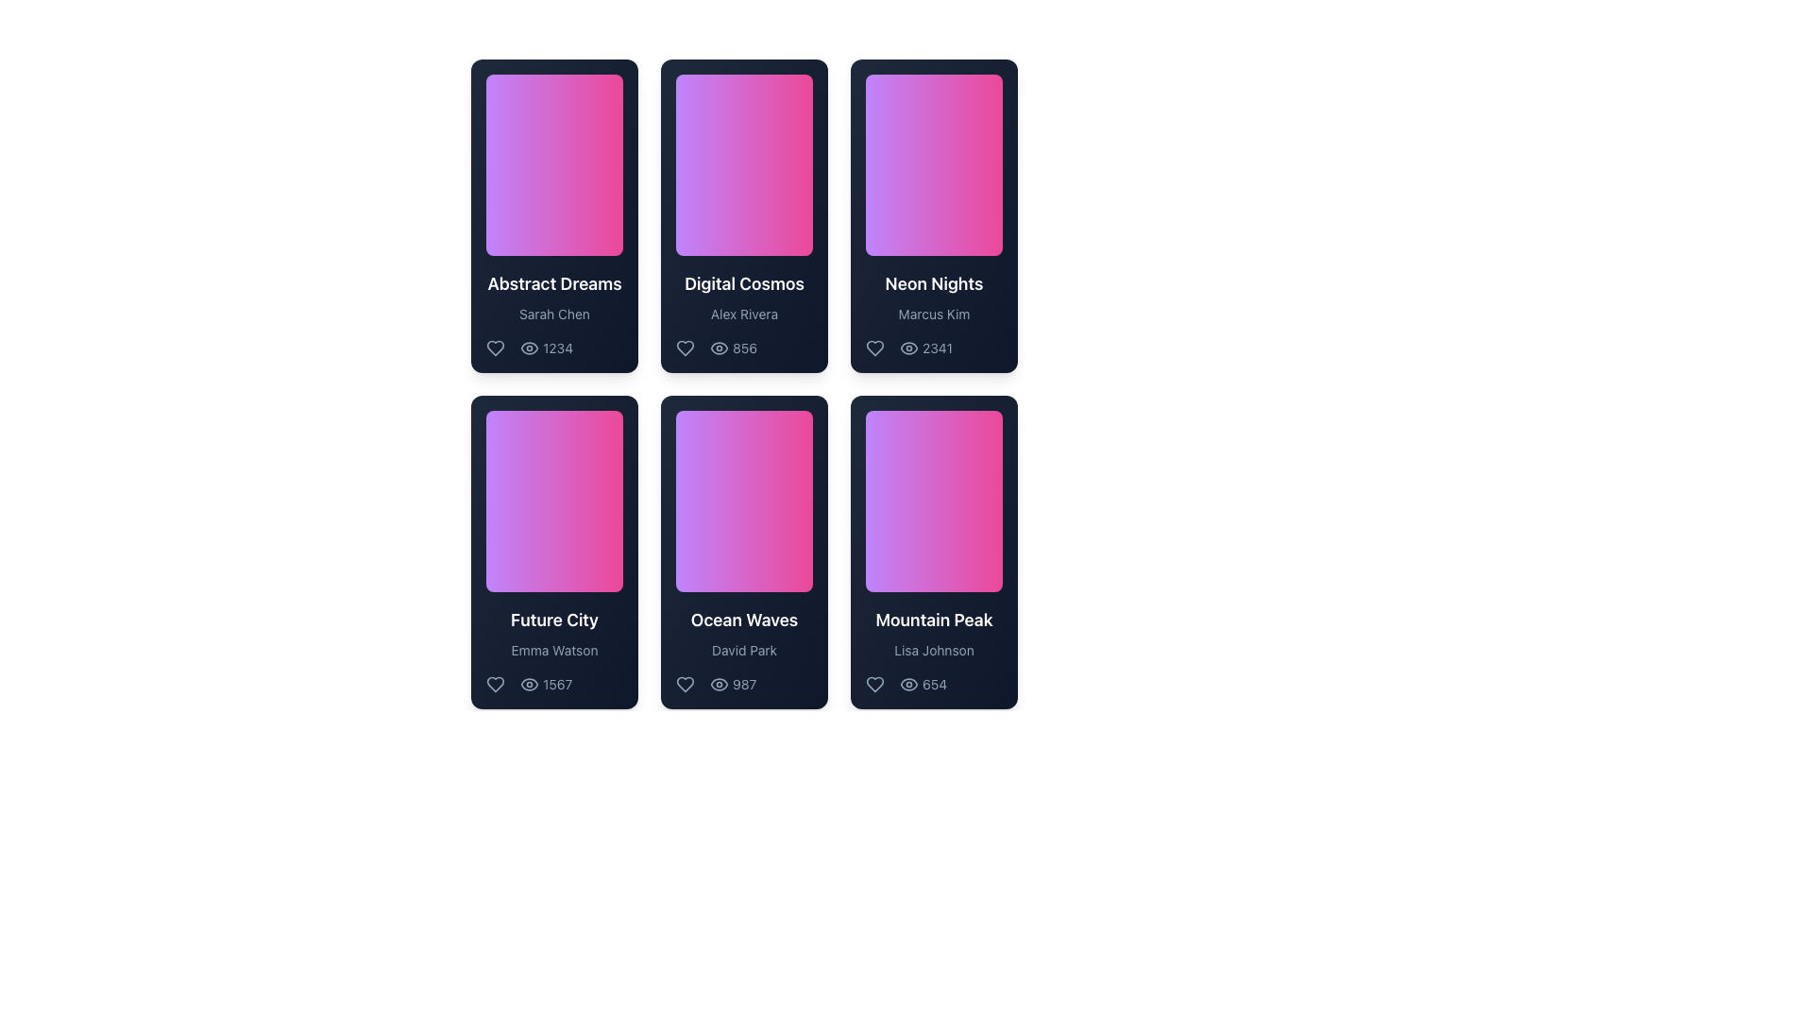 This screenshot has width=1813, height=1020. What do you see at coordinates (556, 685) in the screenshot?
I see `the text displaying '1567' in light gray color located at the bottom section of the 'Future City' card, which is aligned horizontally with an eye icon` at bounding box center [556, 685].